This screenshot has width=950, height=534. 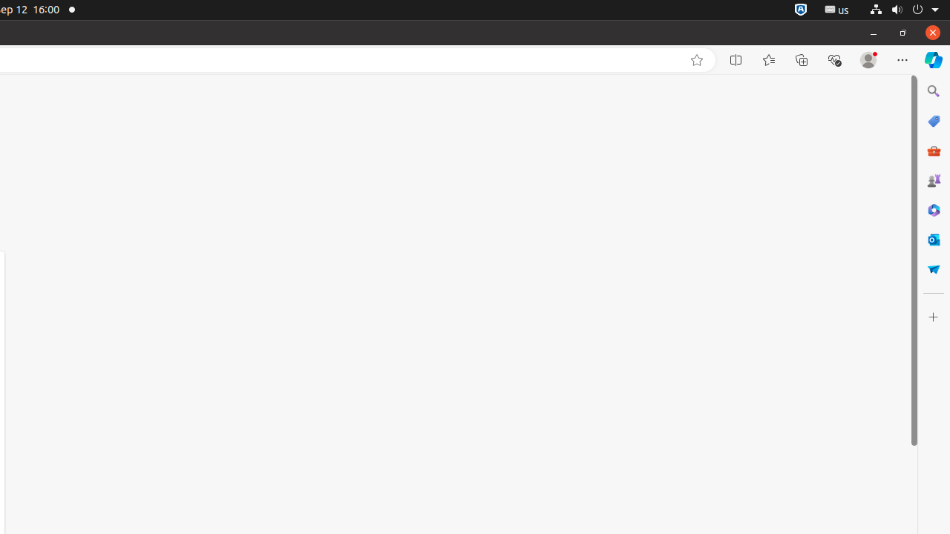 What do you see at coordinates (932, 316) in the screenshot?
I see `'Customize'` at bounding box center [932, 316].